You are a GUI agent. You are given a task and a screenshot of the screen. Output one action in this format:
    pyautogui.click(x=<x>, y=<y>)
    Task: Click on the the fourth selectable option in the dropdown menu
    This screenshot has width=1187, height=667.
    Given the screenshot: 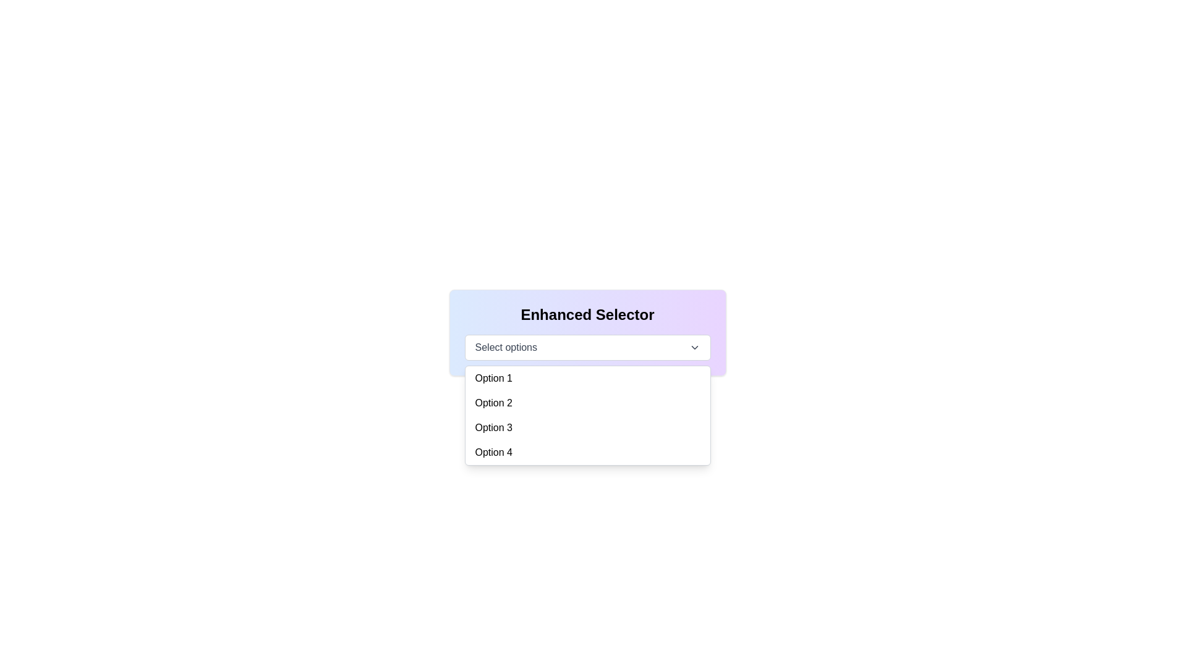 What is the action you would take?
    pyautogui.click(x=587, y=452)
    